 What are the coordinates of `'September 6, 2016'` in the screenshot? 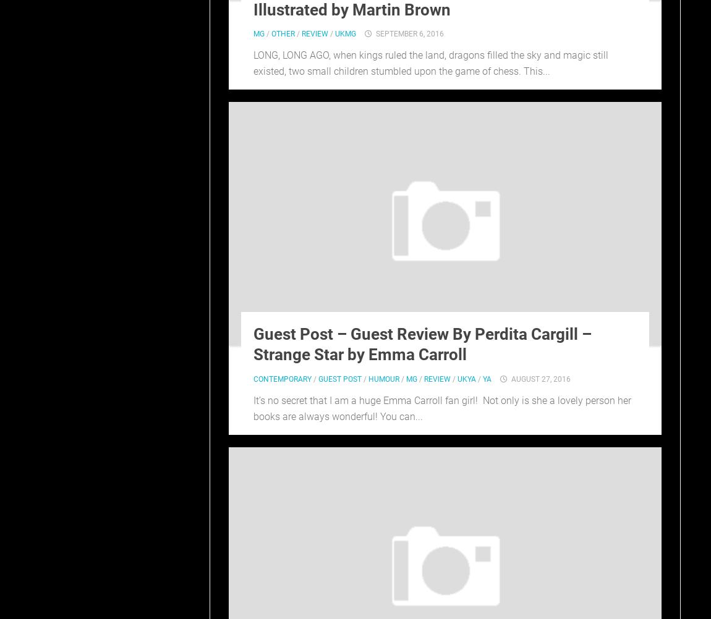 It's located at (409, 34).